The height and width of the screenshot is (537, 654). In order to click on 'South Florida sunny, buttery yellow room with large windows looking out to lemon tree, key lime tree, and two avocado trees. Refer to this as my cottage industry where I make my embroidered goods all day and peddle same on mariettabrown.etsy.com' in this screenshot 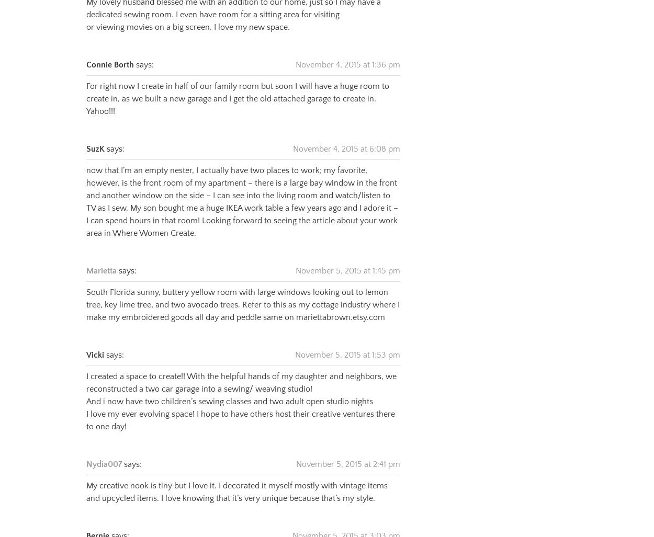, I will do `click(242, 291)`.